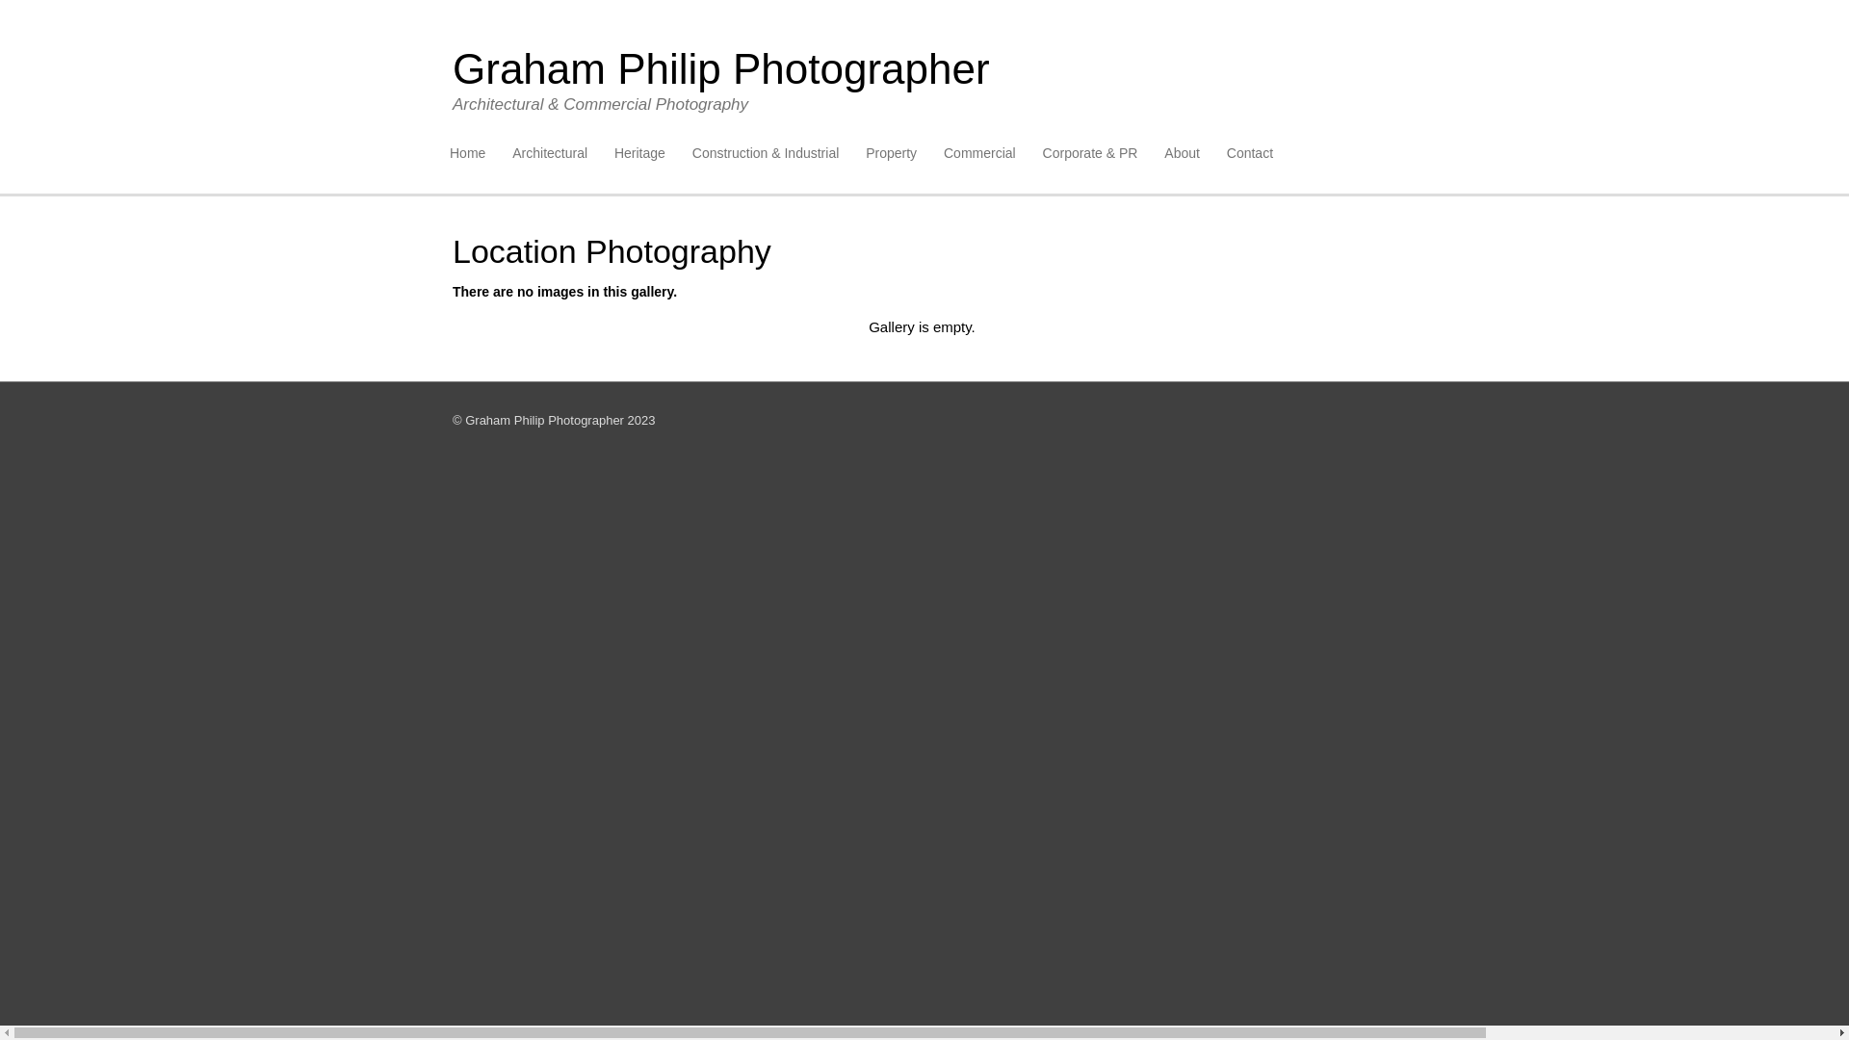 This screenshot has width=1849, height=1040. Describe the element at coordinates (979, 152) in the screenshot. I see `'Commercial'` at that location.